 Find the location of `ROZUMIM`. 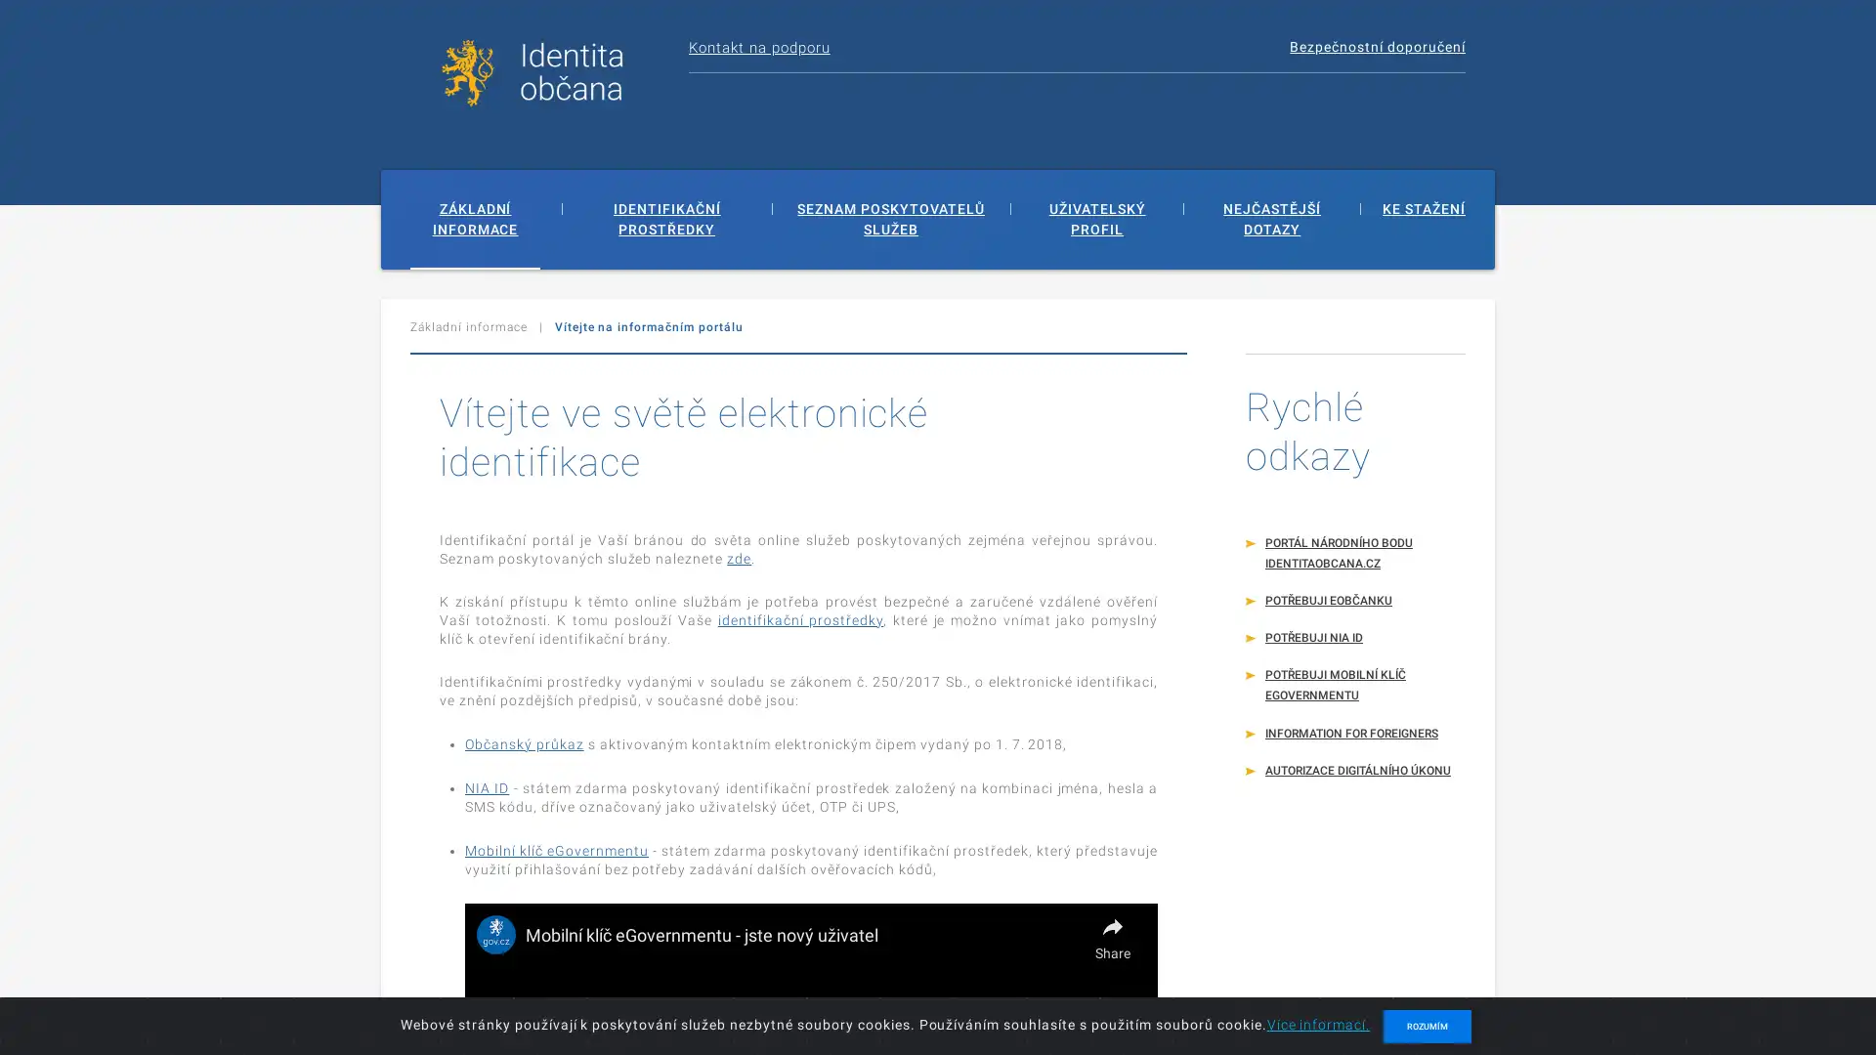

ROZUMIM is located at coordinates (1427, 1024).